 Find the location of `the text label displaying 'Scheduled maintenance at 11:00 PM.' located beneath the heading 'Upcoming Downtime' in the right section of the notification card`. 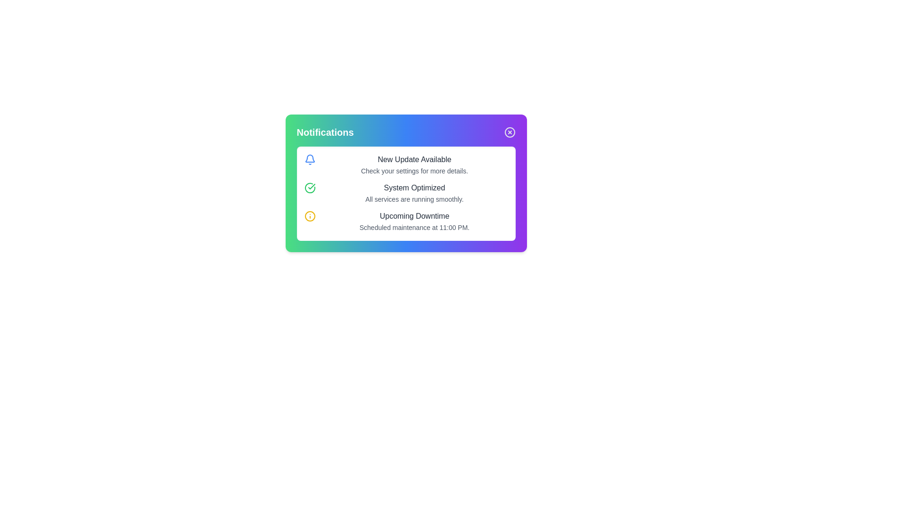

the text label displaying 'Scheduled maintenance at 11:00 PM.' located beneath the heading 'Upcoming Downtime' in the right section of the notification card is located at coordinates (414, 227).